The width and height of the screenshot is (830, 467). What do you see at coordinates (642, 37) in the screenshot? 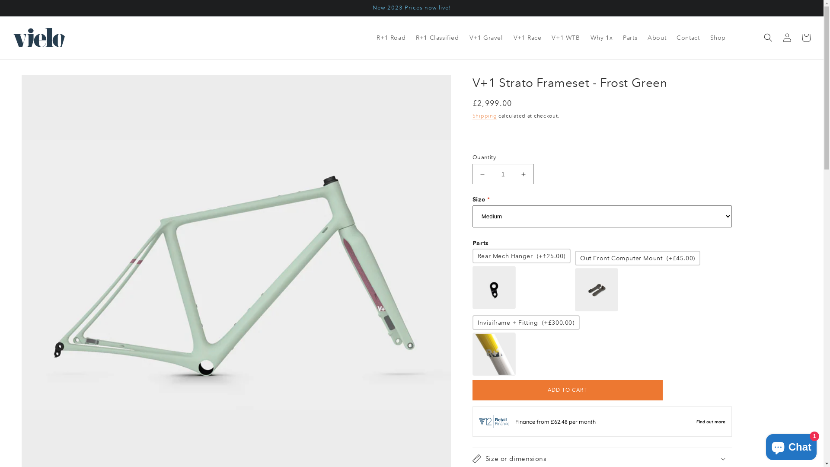
I see `'About'` at bounding box center [642, 37].